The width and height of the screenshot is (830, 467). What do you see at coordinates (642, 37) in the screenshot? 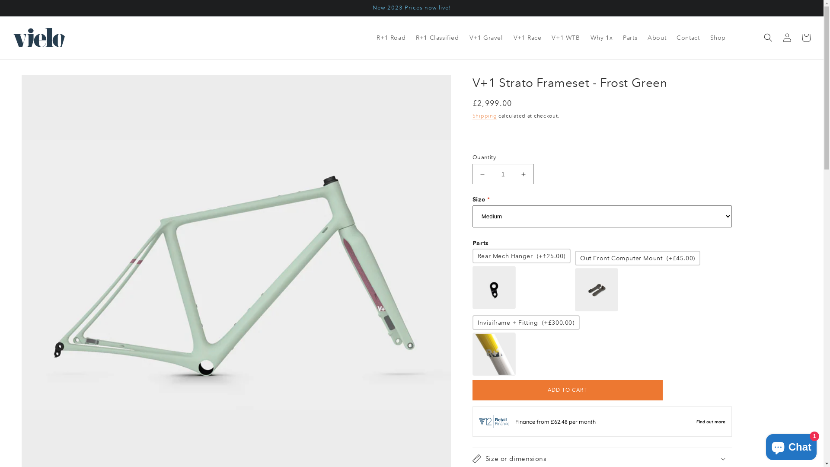
I see `'About'` at bounding box center [642, 37].